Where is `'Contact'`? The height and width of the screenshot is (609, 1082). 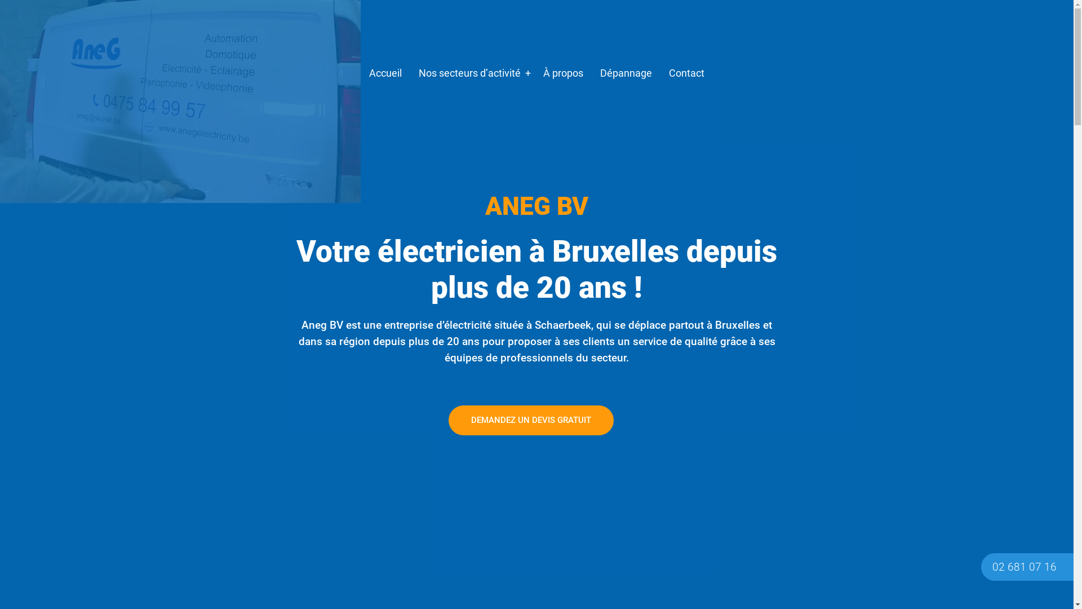 'Contact' is located at coordinates (686, 73).